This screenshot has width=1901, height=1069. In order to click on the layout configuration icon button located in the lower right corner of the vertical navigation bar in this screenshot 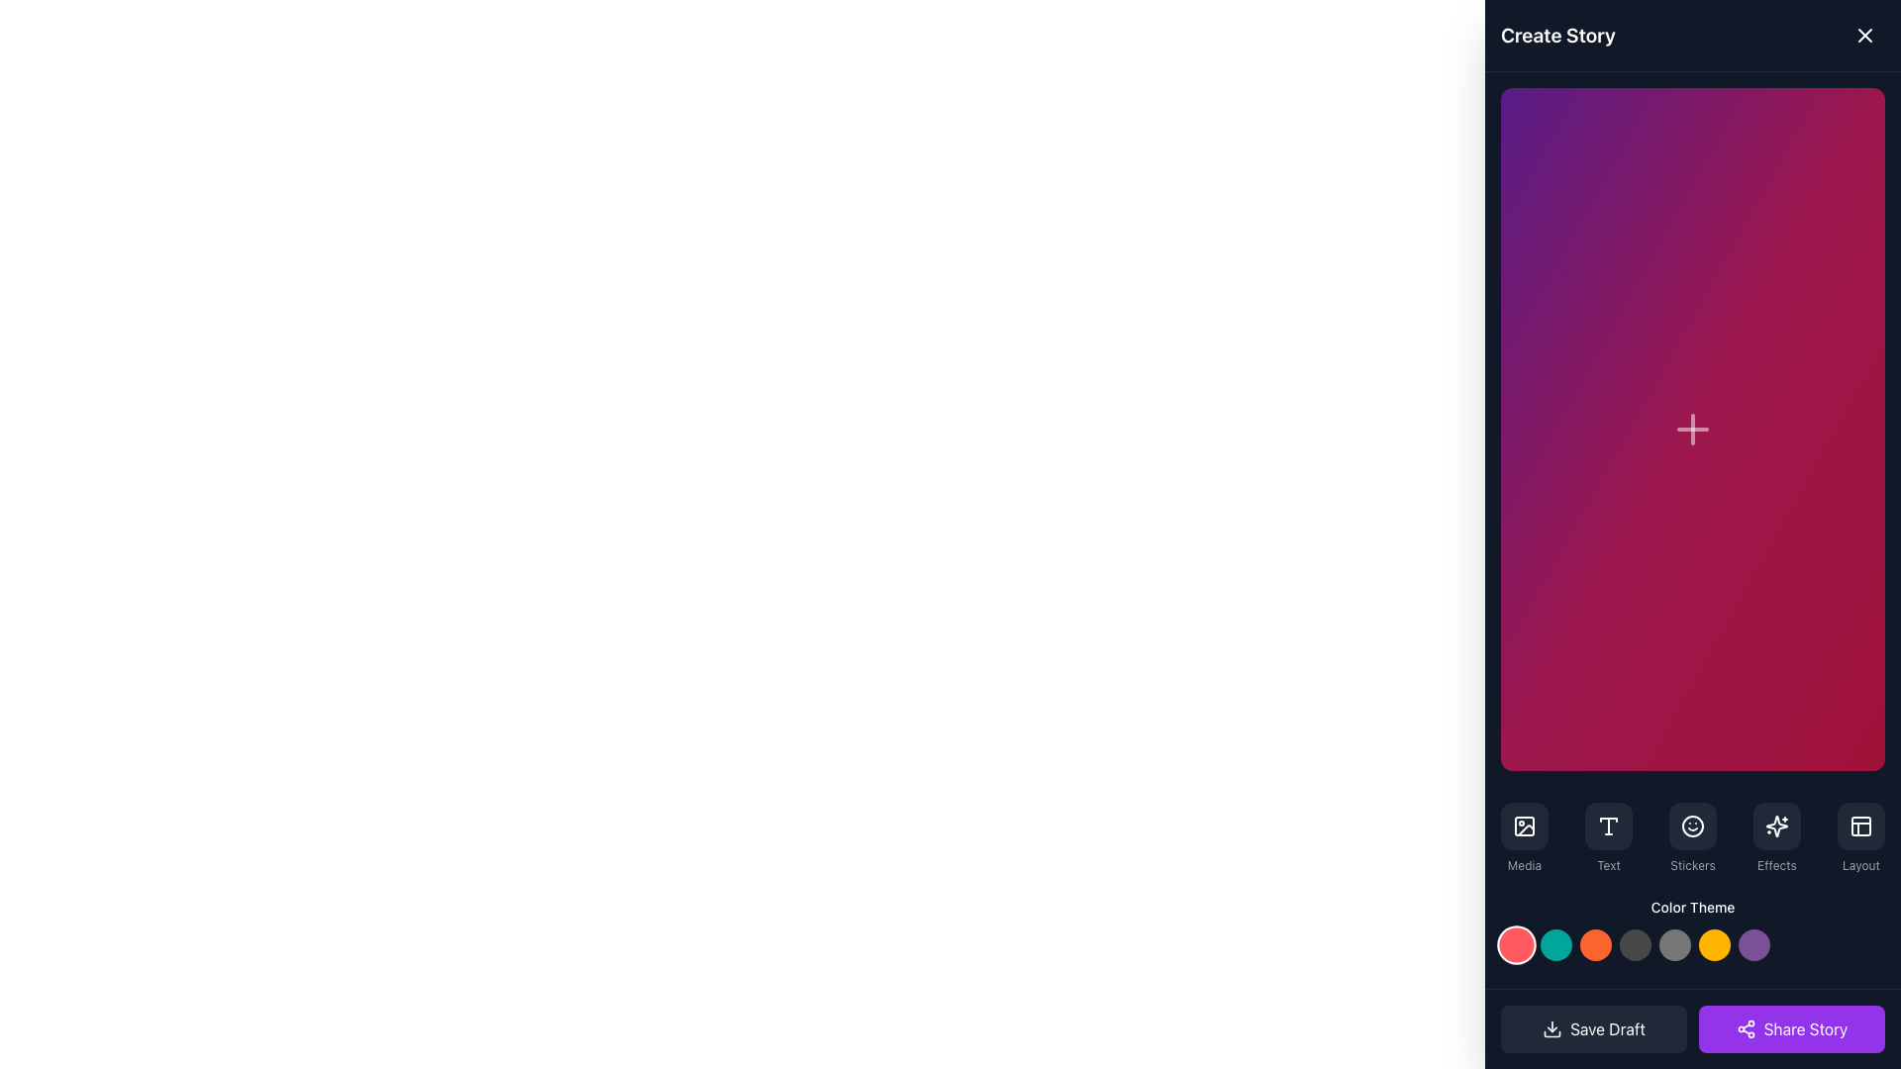, I will do `click(1860, 825)`.